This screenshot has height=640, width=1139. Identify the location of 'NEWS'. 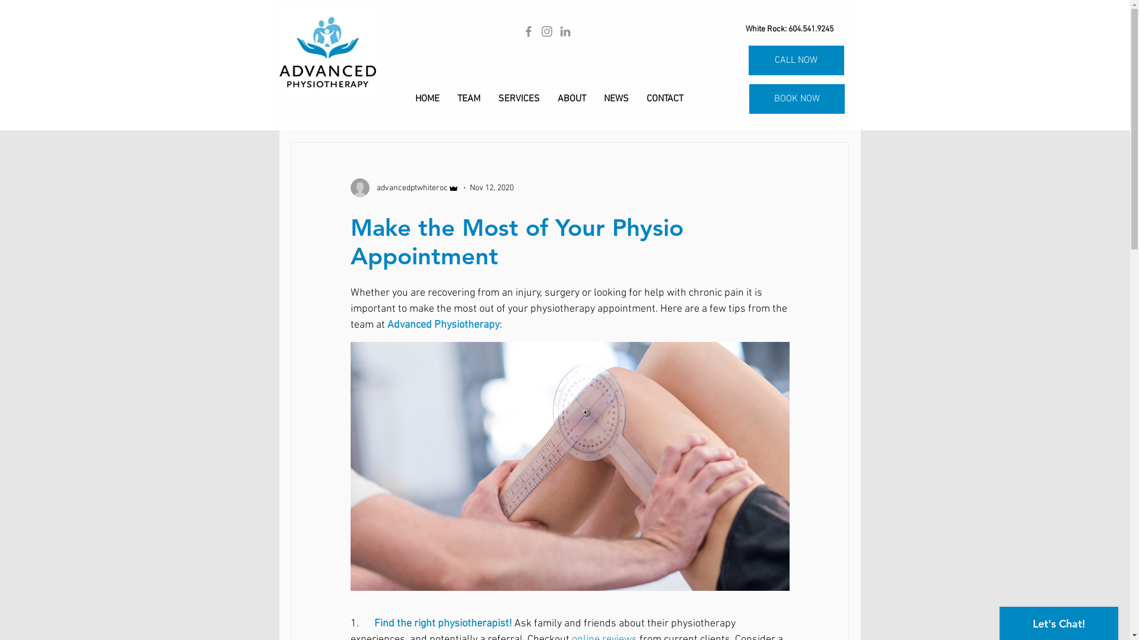
(615, 98).